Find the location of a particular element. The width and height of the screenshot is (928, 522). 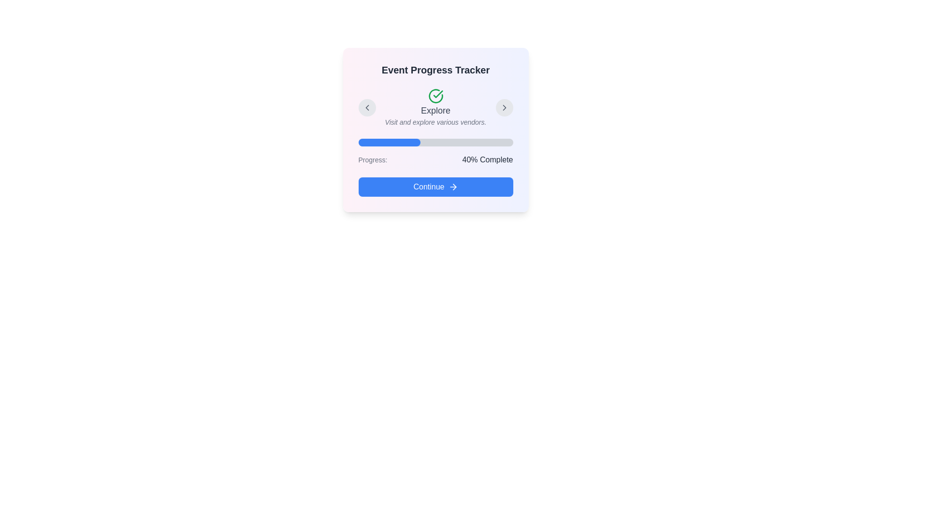

the italicized text reading 'Visit and explore various vendors.' which is located below the bold title 'Explore' and centered horizontally is located at coordinates (435, 122).